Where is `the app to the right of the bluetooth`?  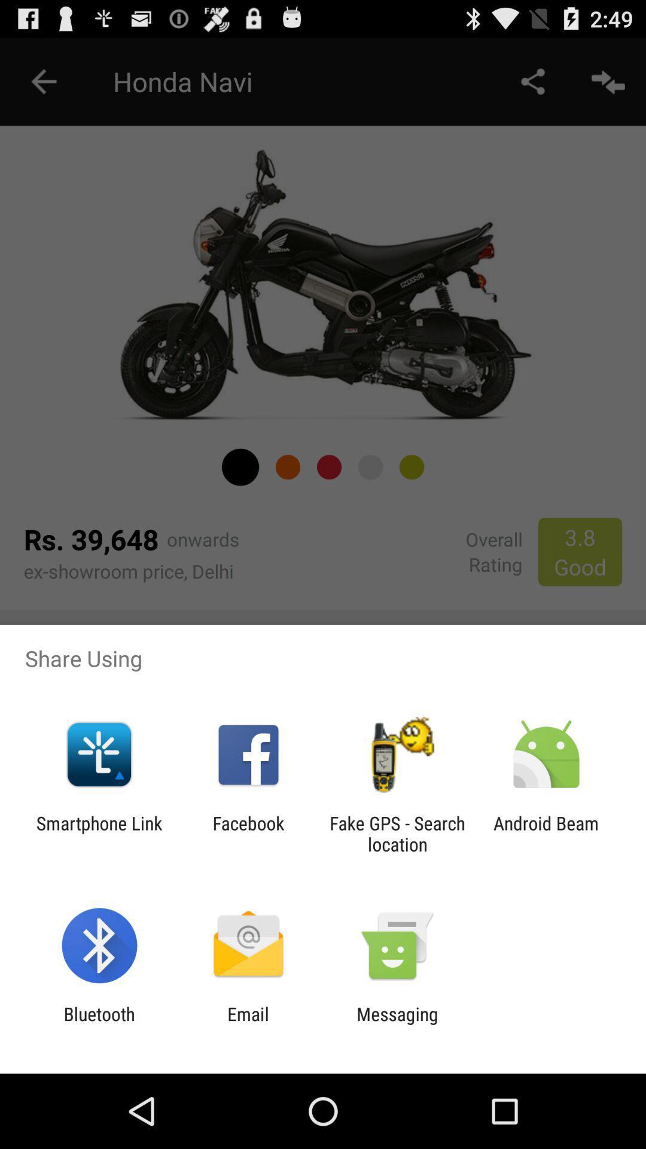
the app to the right of the bluetooth is located at coordinates (248, 1024).